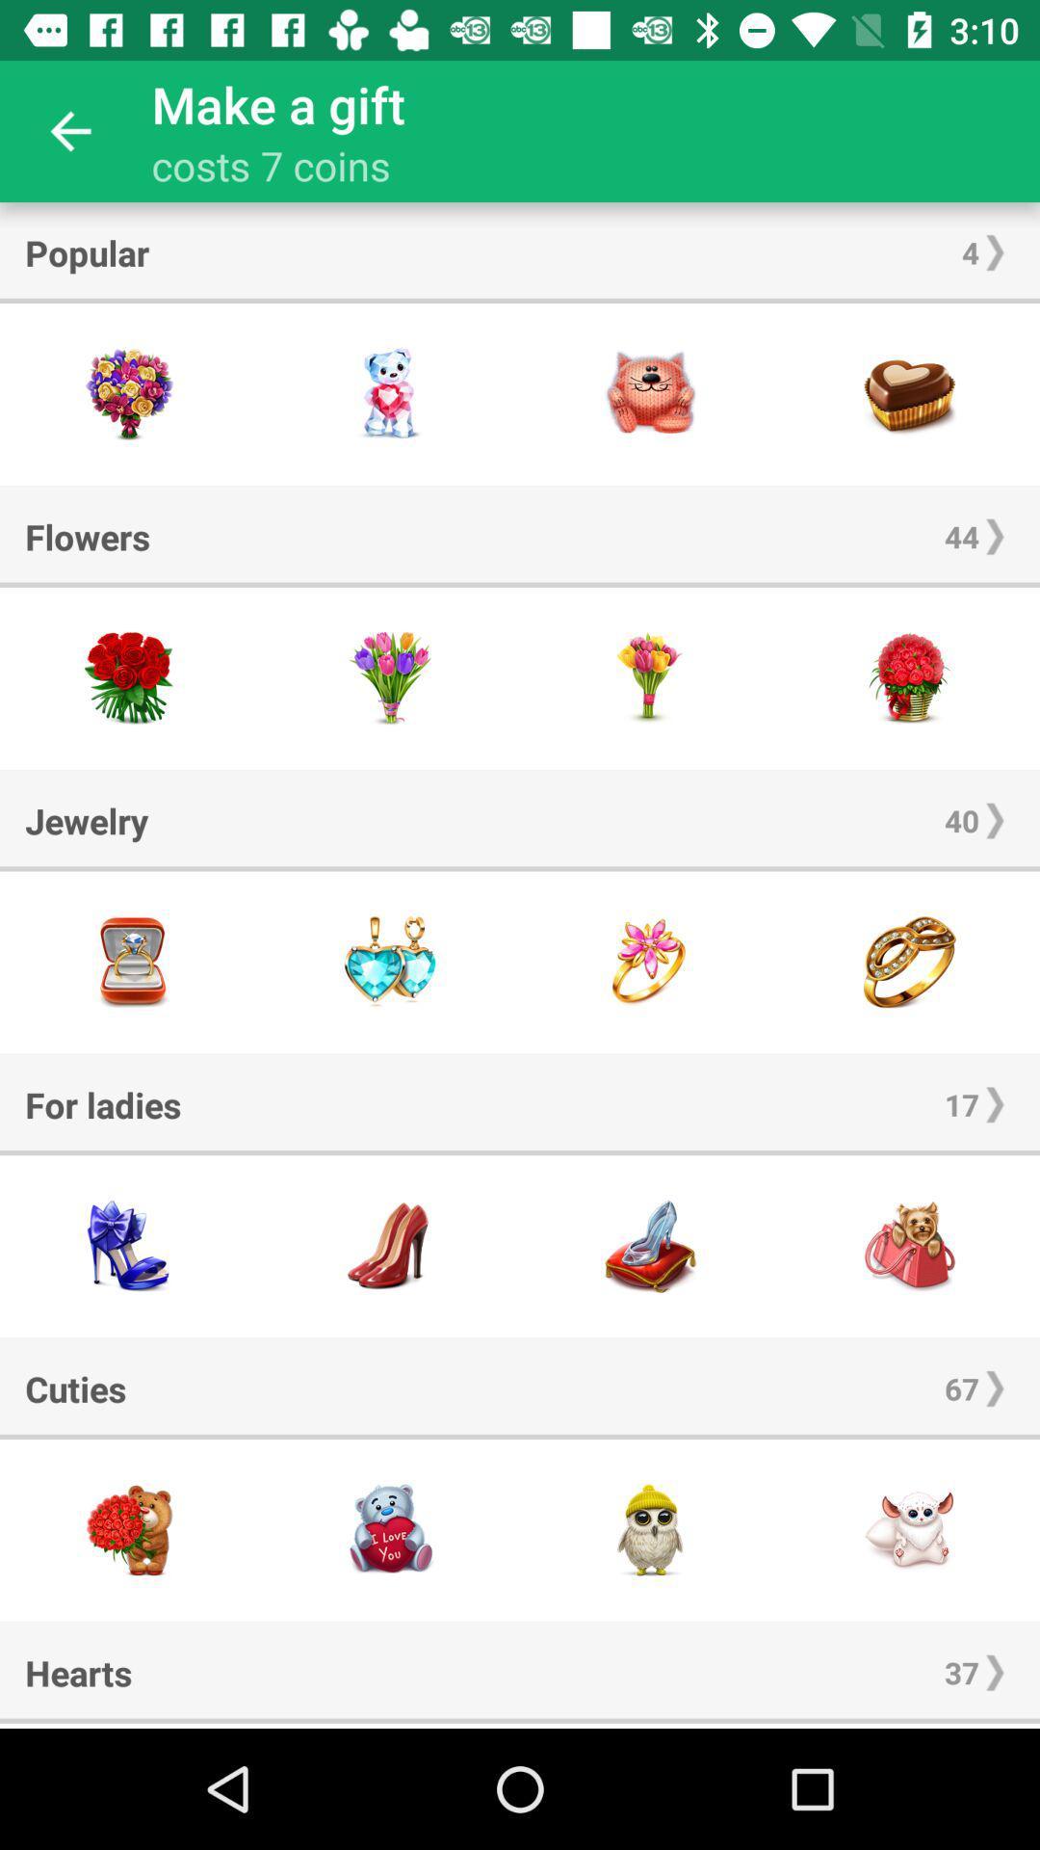 This screenshot has height=1850, width=1040. Describe the element at coordinates (994, 537) in the screenshot. I see `item next to flowers icon` at that location.